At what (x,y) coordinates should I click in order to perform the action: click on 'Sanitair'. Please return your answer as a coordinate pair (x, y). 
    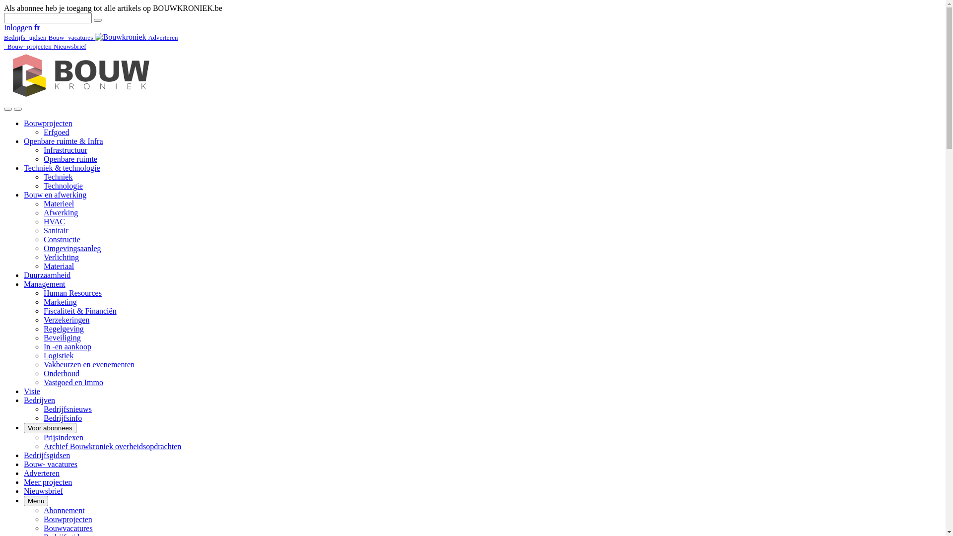
    Looking at the image, I should click on (56, 230).